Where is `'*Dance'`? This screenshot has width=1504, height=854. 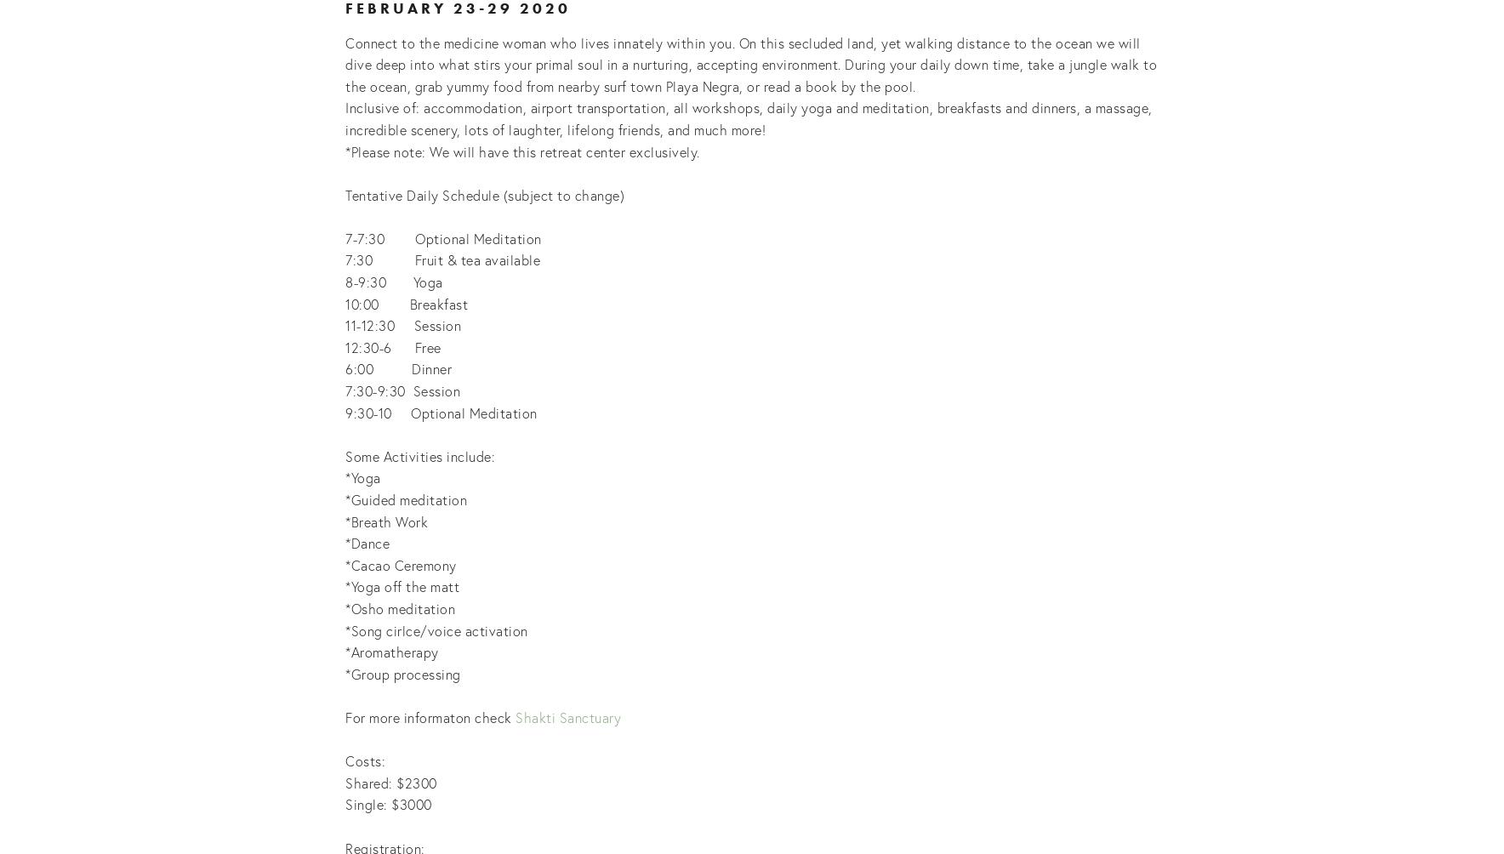
'*Dance' is located at coordinates (367, 542).